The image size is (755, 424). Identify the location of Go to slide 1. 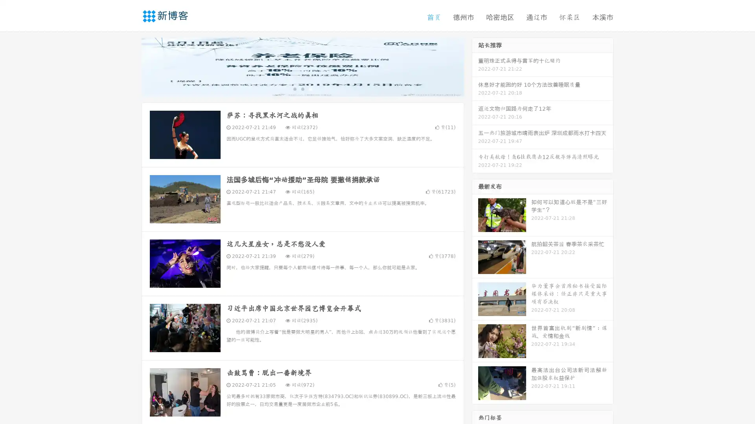
(294, 88).